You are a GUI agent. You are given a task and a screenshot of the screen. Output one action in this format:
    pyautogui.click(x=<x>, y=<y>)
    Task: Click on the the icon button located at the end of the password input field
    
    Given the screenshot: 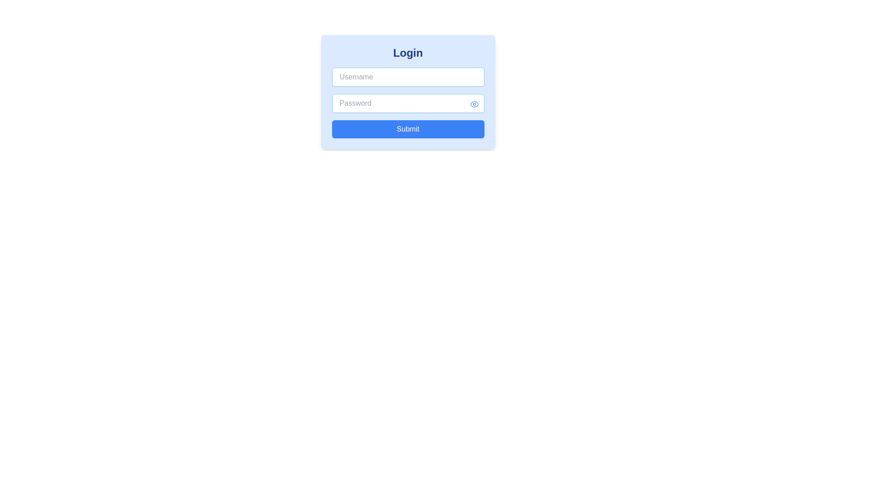 What is the action you would take?
    pyautogui.click(x=474, y=103)
    